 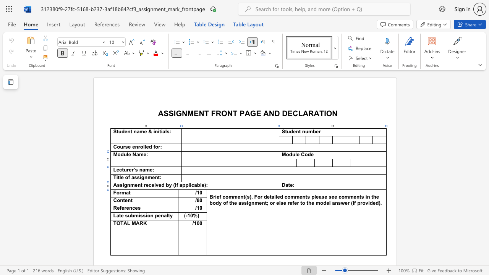 What do you see at coordinates (120, 208) in the screenshot?
I see `the 1th character "f" in the text` at bounding box center [120, 208].